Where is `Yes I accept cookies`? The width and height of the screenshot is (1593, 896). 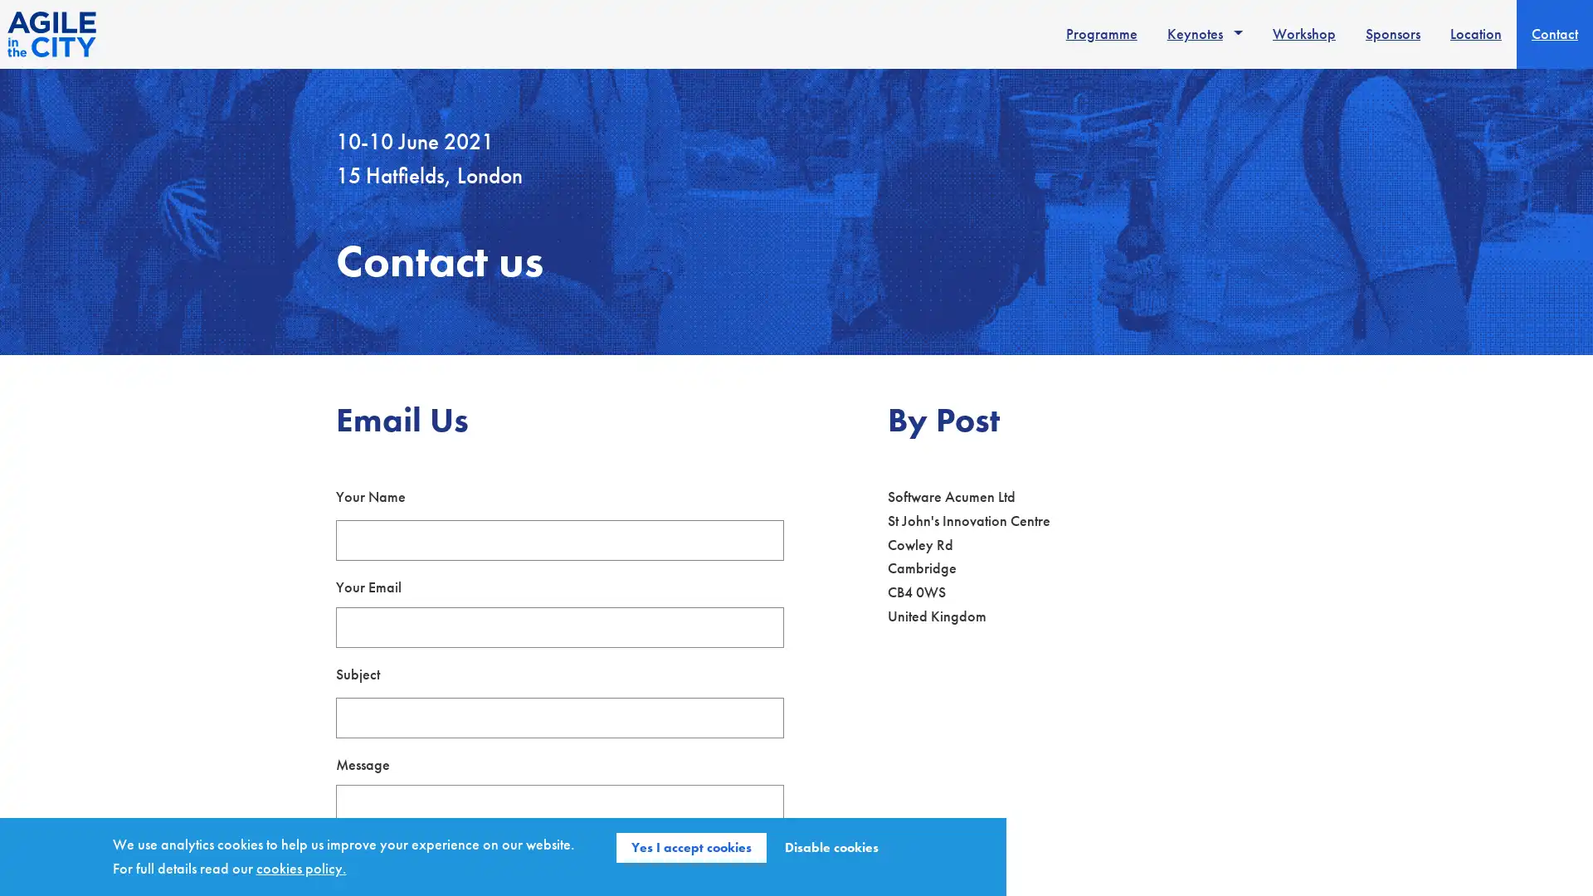 Yes I accept cookies is located at coordinates (691, 848).